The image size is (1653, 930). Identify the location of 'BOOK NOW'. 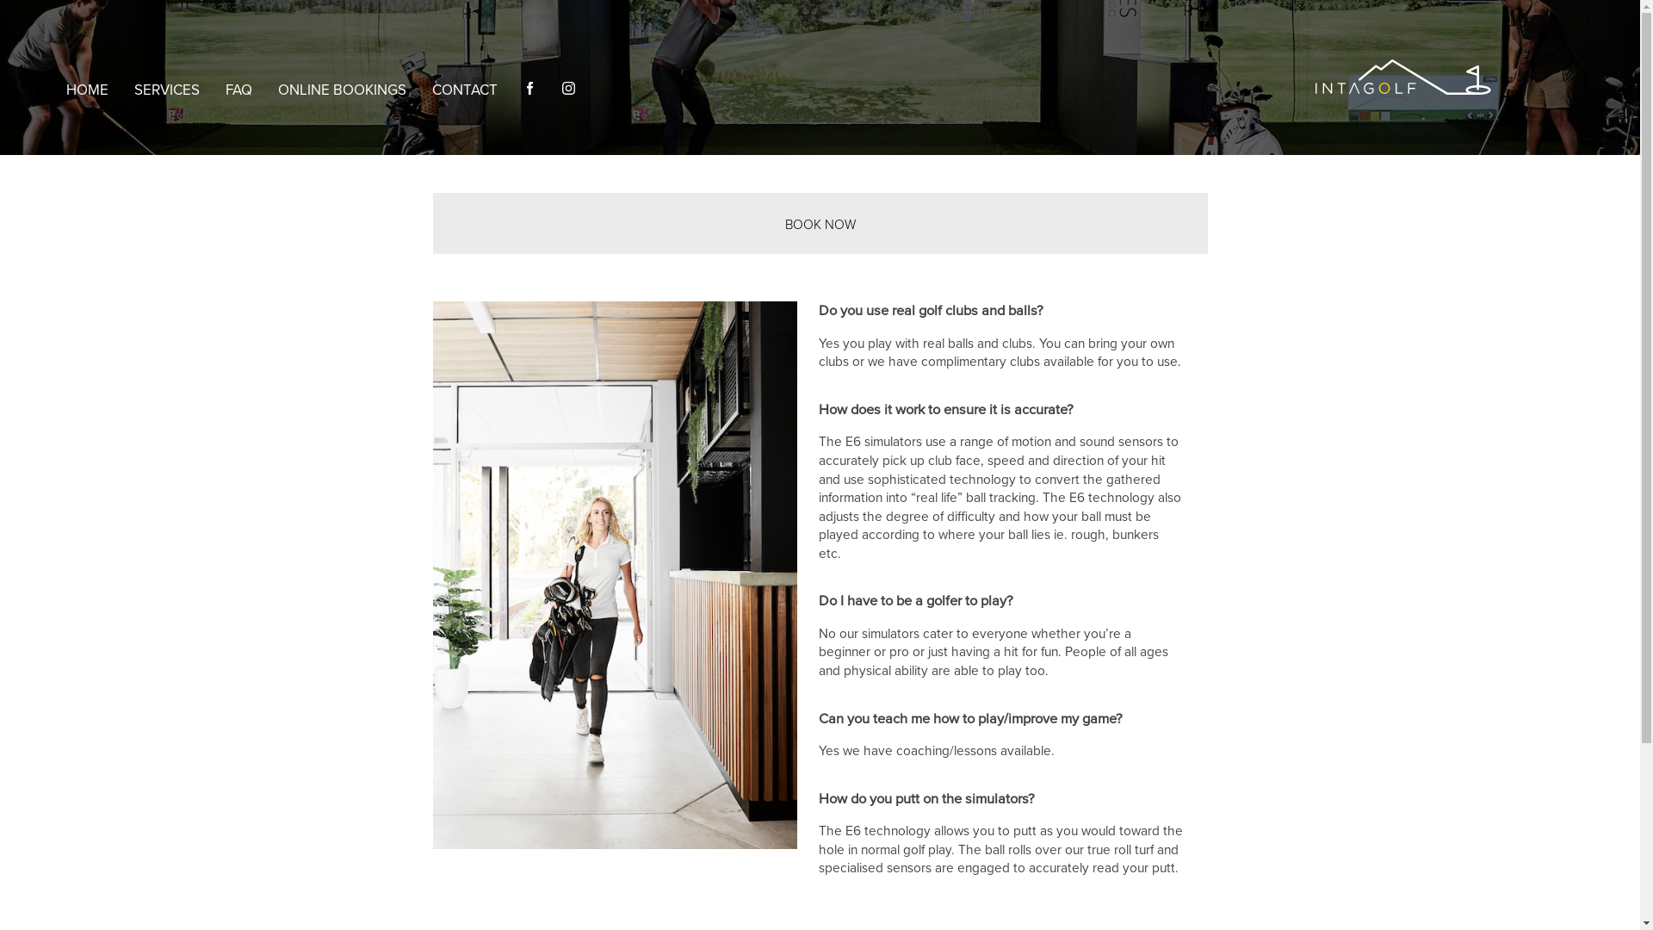
(820, 224).